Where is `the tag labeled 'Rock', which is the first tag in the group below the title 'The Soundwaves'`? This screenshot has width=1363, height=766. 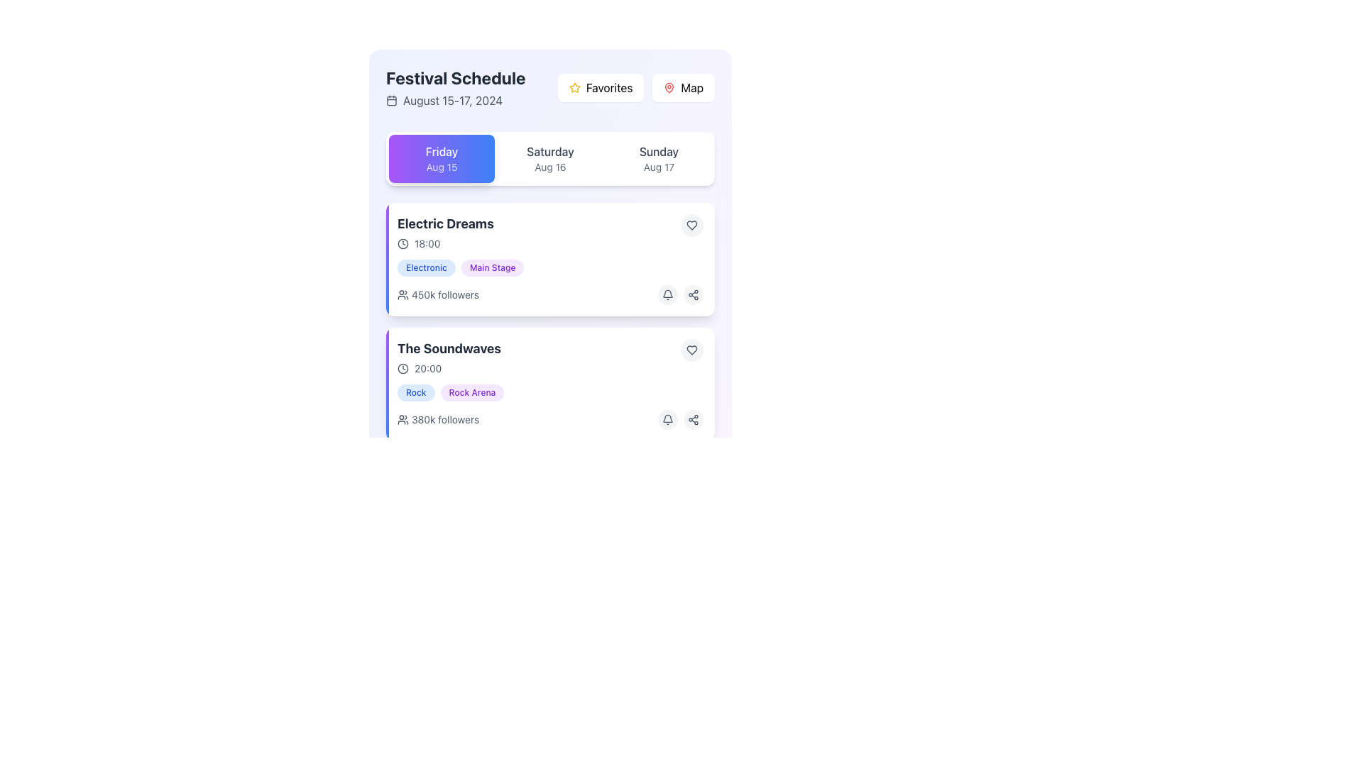
the tag labeled 'Rock', which is the first tag in the group below the title 'The Soundwaves' is located at coordinates (415, 393).